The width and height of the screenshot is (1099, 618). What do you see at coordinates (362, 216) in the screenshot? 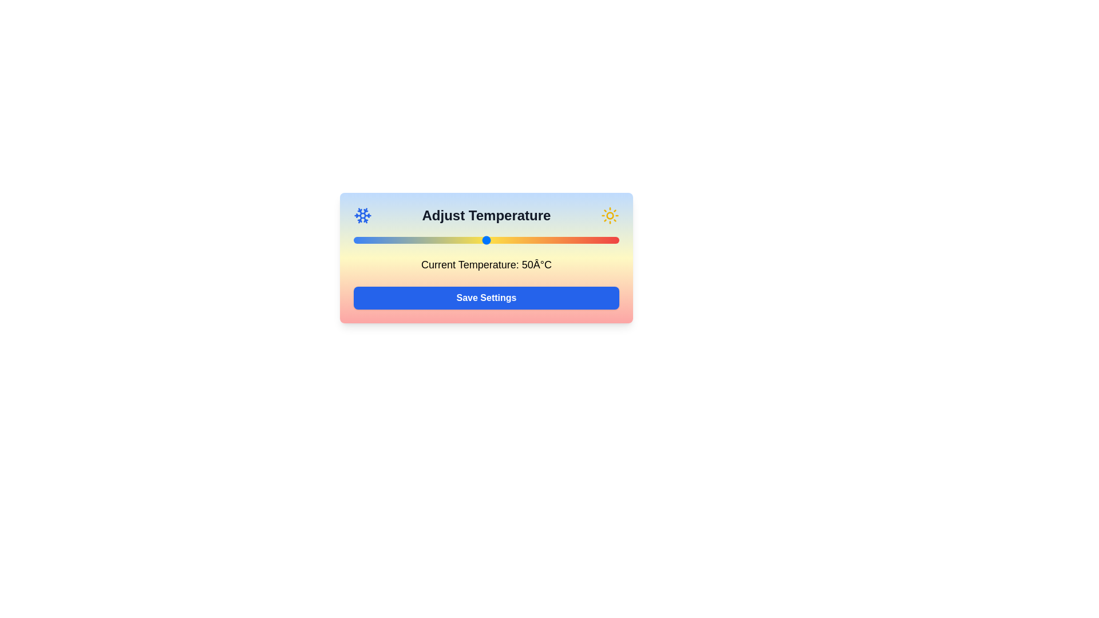
I see `the snowflake icon to inspect it` at bounding box center [362, 216].